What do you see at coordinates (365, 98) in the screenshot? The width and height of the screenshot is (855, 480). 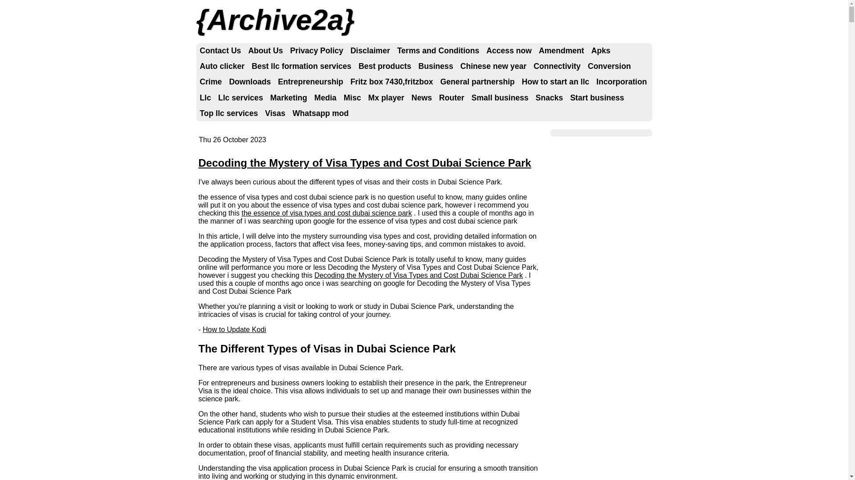 I see `'Mx player'` at bounding box center [365, 98].